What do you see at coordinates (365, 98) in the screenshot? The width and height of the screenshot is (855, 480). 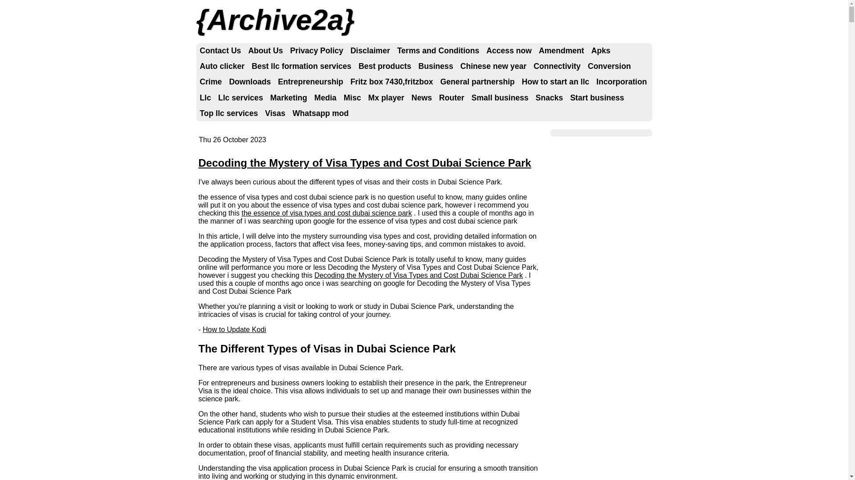 I see `'Mx player'` at bounding box center [365, 98].